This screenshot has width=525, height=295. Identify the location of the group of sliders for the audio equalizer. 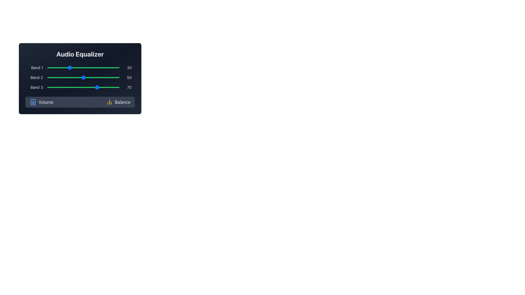
(80, 78).